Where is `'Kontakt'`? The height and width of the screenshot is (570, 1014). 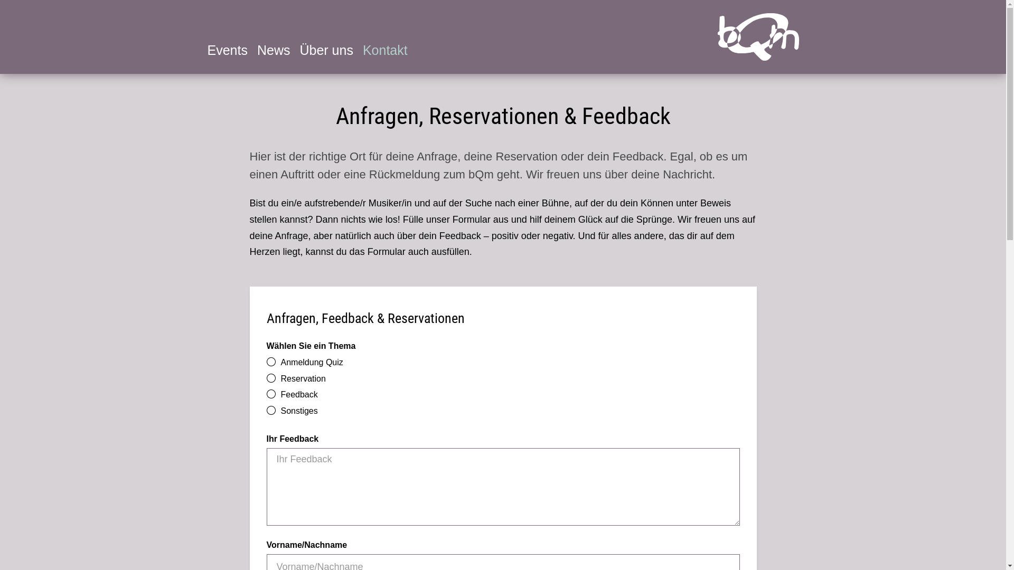
'Kontakt' is located at coordinates (384, 50).